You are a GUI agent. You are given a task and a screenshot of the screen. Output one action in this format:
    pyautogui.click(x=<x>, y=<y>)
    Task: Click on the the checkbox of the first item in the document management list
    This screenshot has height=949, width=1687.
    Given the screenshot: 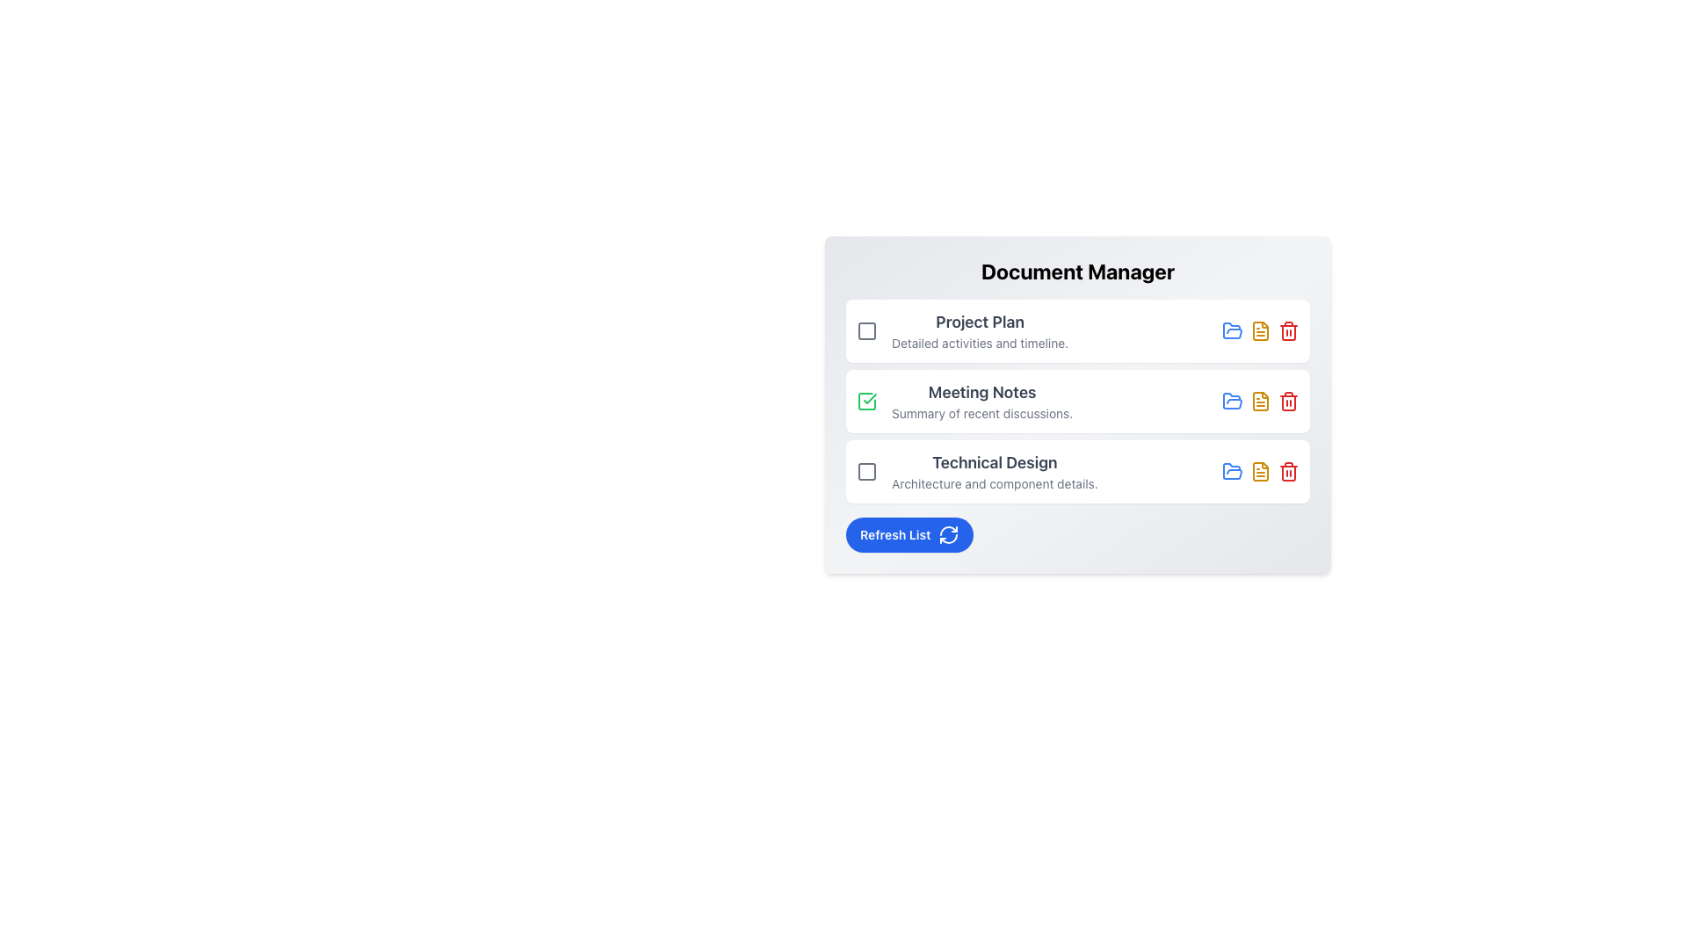 What is the action you would take?
    pyautogui.click(x=1077, y=331)
    